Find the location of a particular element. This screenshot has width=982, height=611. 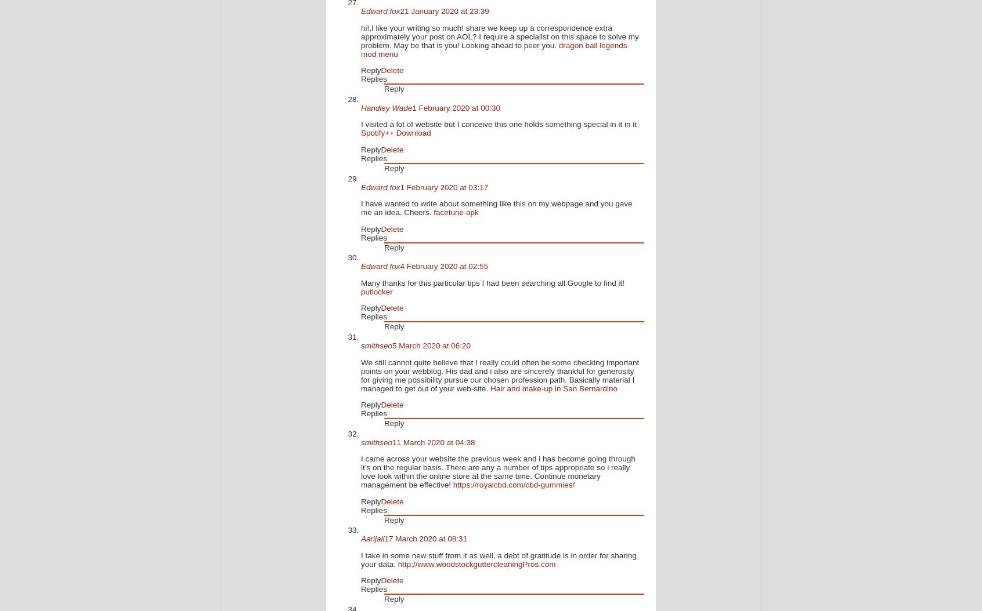

'I have wanted to write about something like this on my webpage and you gave me an idea. Cheers.' is located at coordinates (360, 208).